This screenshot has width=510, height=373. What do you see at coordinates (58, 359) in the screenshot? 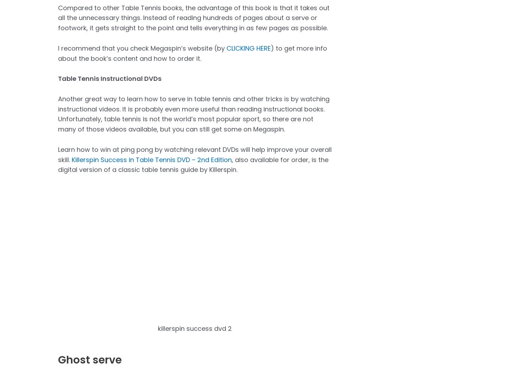
I see `'Ghost serve'` at bounding box center [58, 359].